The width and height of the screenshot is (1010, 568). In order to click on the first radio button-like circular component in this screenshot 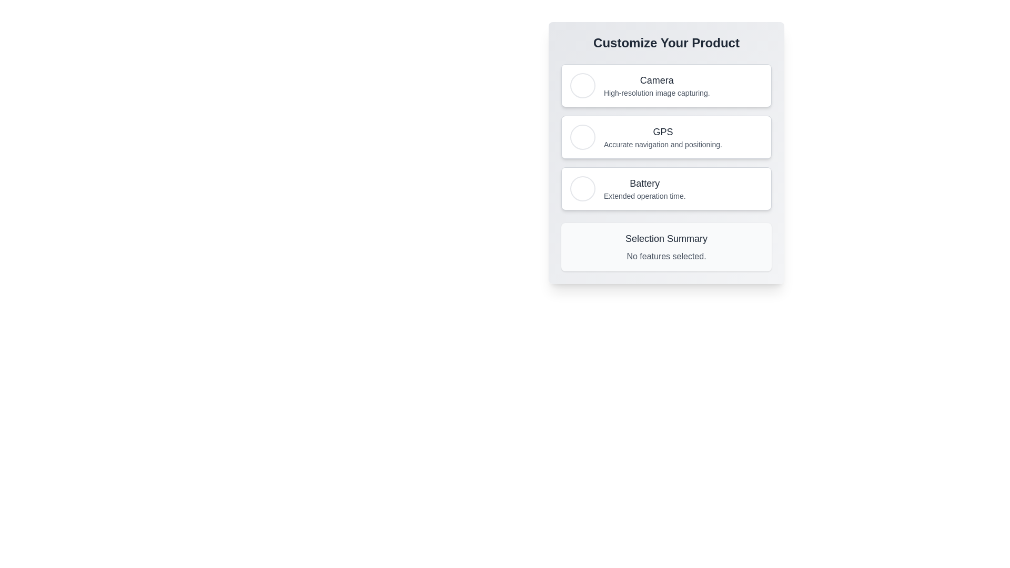, I will do `click(582, 188)`.